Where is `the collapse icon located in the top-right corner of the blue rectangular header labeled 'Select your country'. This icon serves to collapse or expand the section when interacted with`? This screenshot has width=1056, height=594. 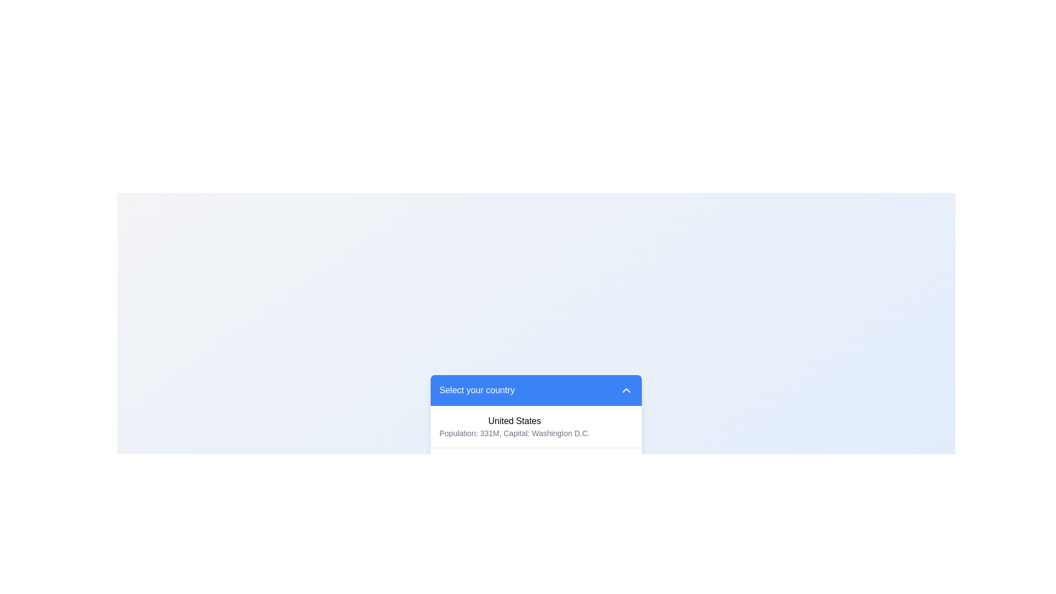
the collapse icon located in the top-right corner of the blue rectangular header labeled 'Select your country'. This icon serves to collapse or expand the section when interacted with is located at coordinates (626, 389).